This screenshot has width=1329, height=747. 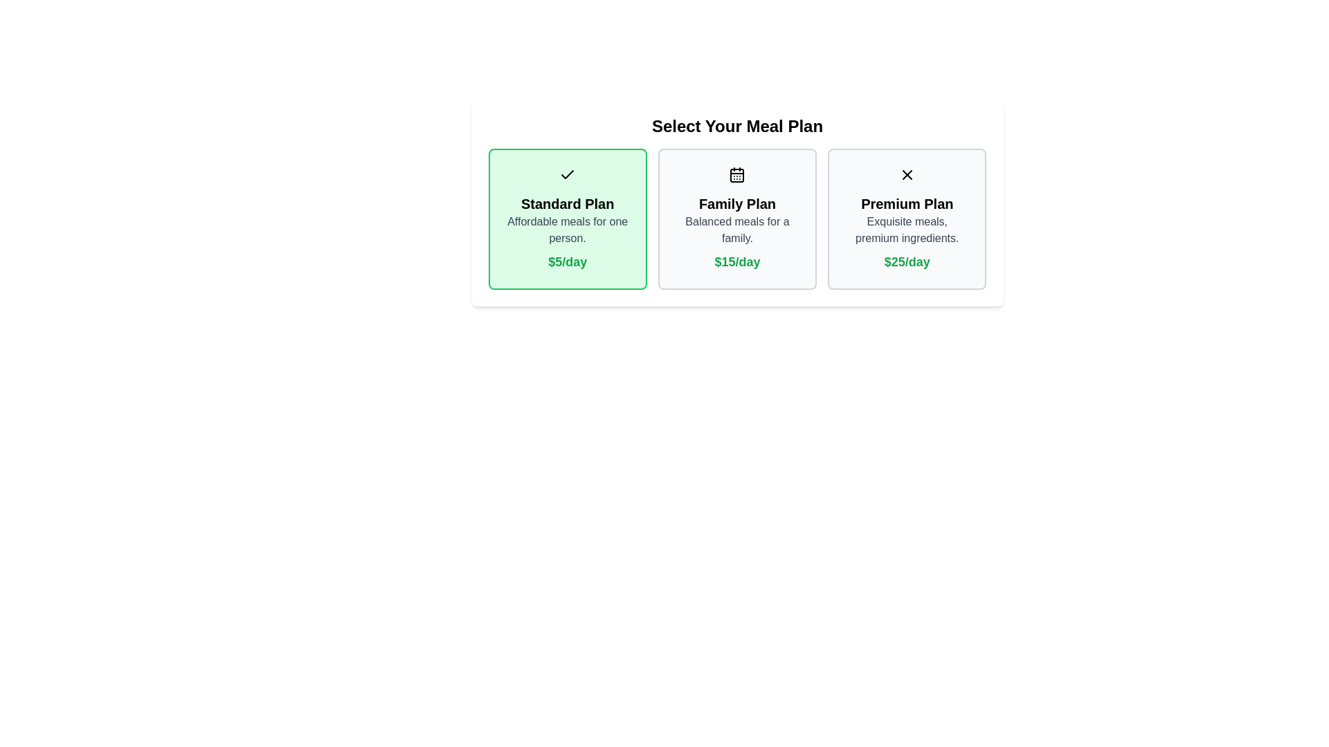 I want to click on the state of the selection indicator icon for the 'Standard Plan' option located near the top-left corner of the green box, so click(x=568, y=174).